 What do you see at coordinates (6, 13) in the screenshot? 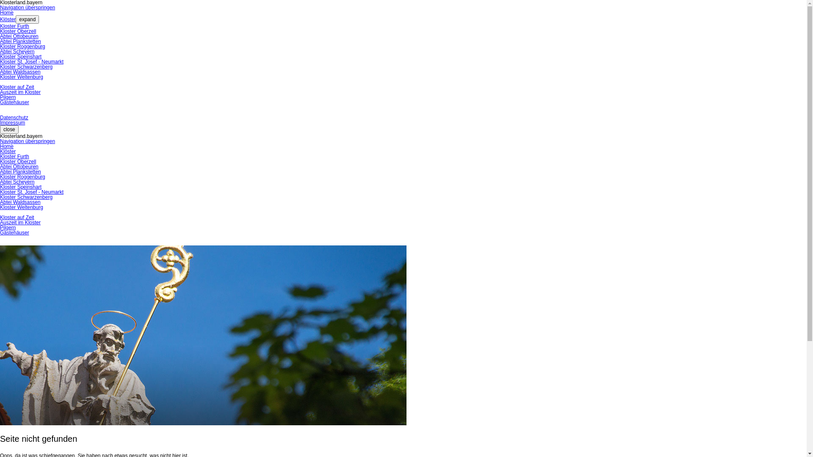
I see `'Home'` at bounding box center [6, 13].